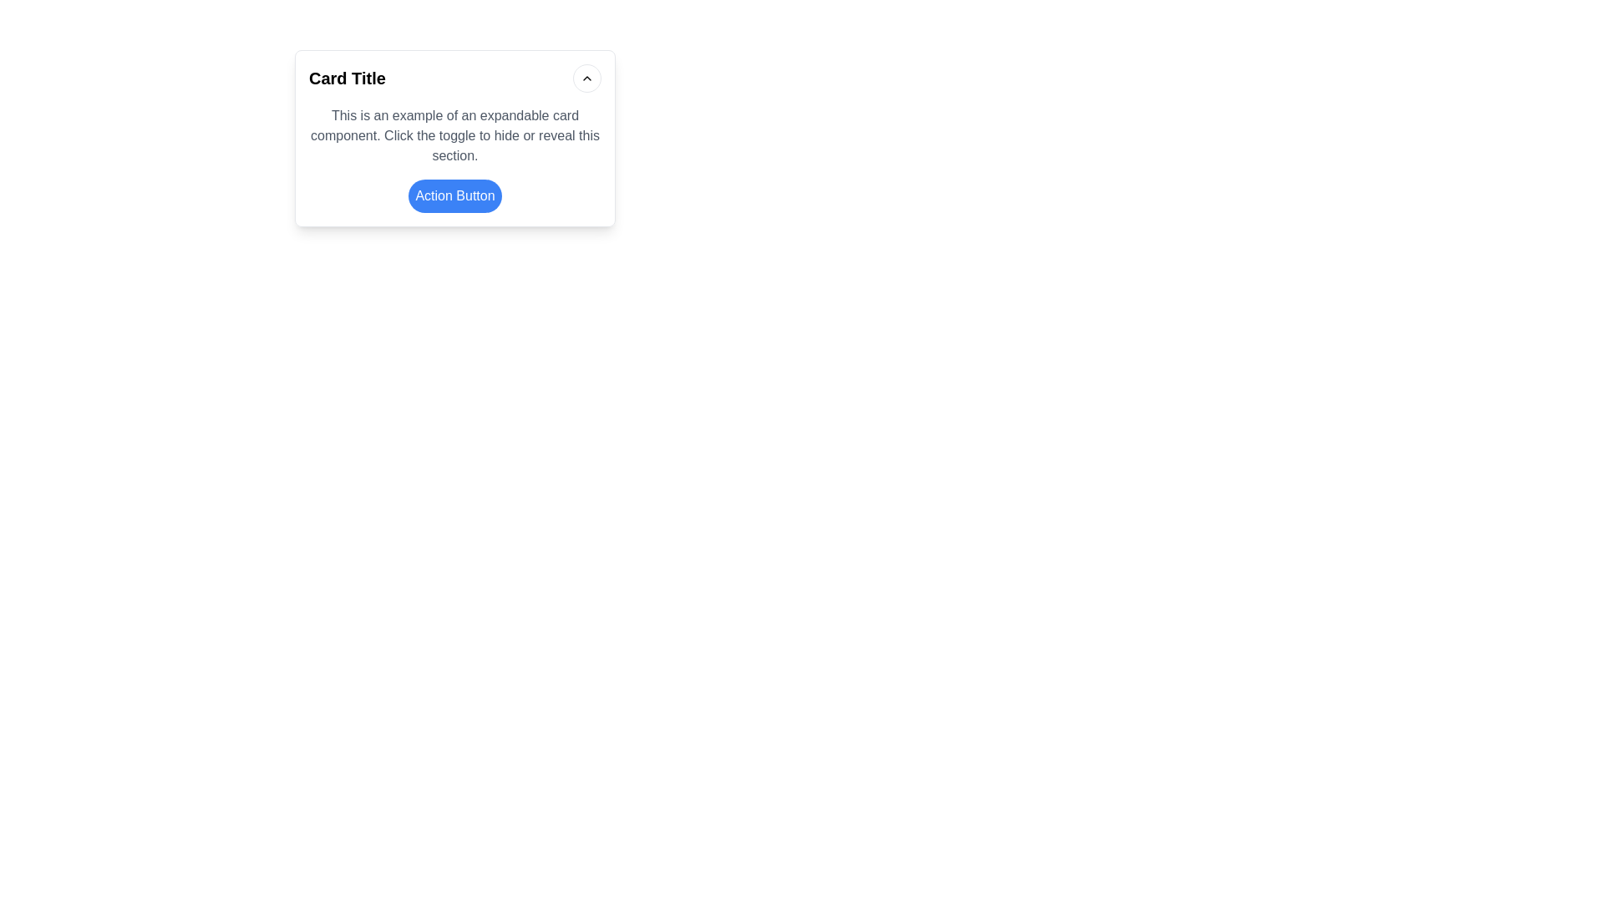 This screenshot has width=1604, height=902. Describe the element at coordinates (586, 78) in the screenshot. I see `the SVG Icon located in the top-right corner of the card within a circular button` at that location.